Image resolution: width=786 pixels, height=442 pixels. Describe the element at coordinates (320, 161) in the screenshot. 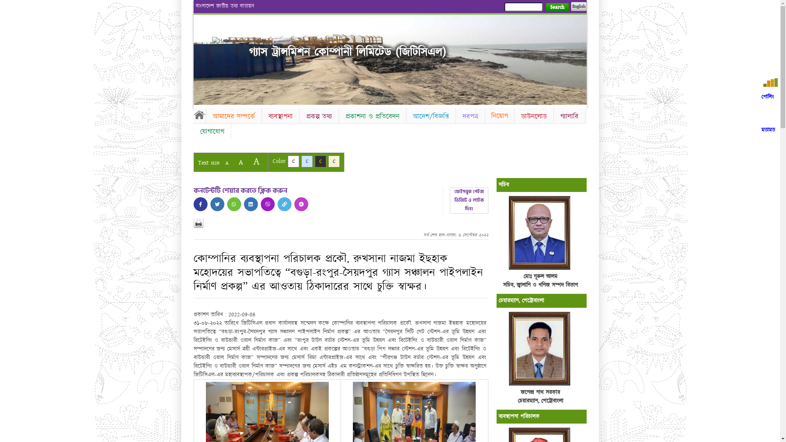

I see `'C'` at that location.